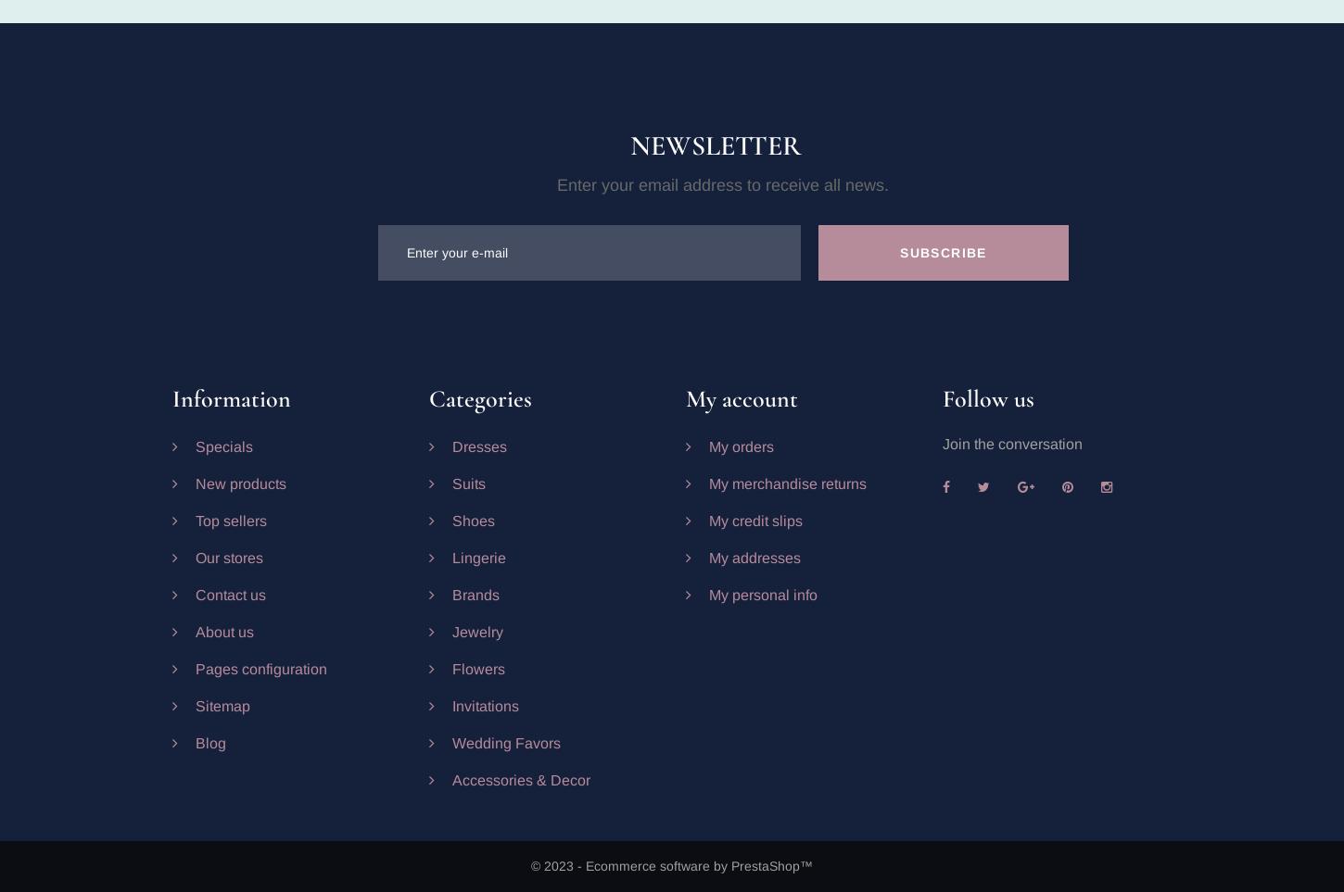  What do you see at coordinates (478, 446) in the screenshot?
I see `'Dresses'` at bounding box center [478, 446].